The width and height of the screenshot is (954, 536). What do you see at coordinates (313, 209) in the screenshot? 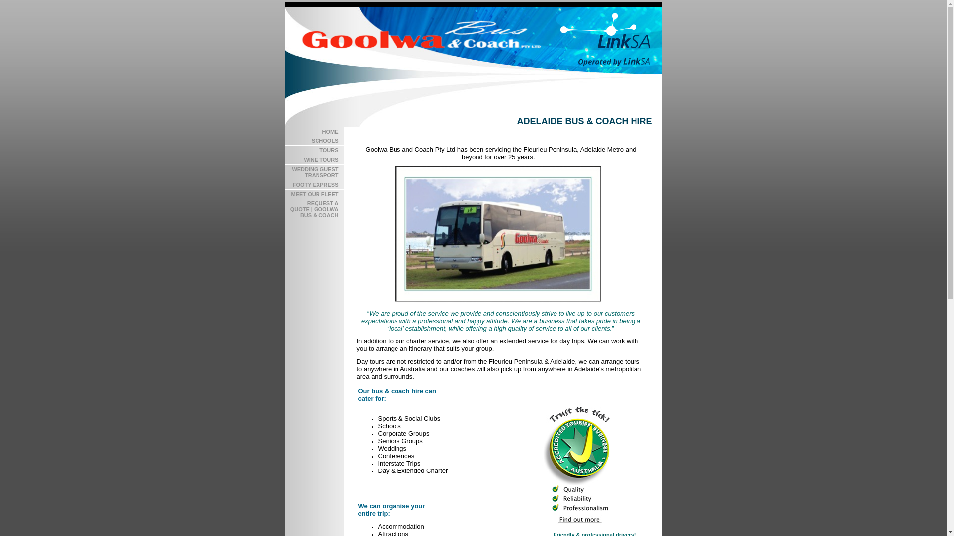
I see `'REQUEST A QUOTE | GOOLWA BUS & COACH'` at bounding box center [313, 209].